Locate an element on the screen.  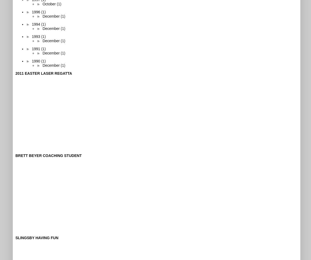
'Brett Beyer Coaching Student' is located at coordinates (48, 155).